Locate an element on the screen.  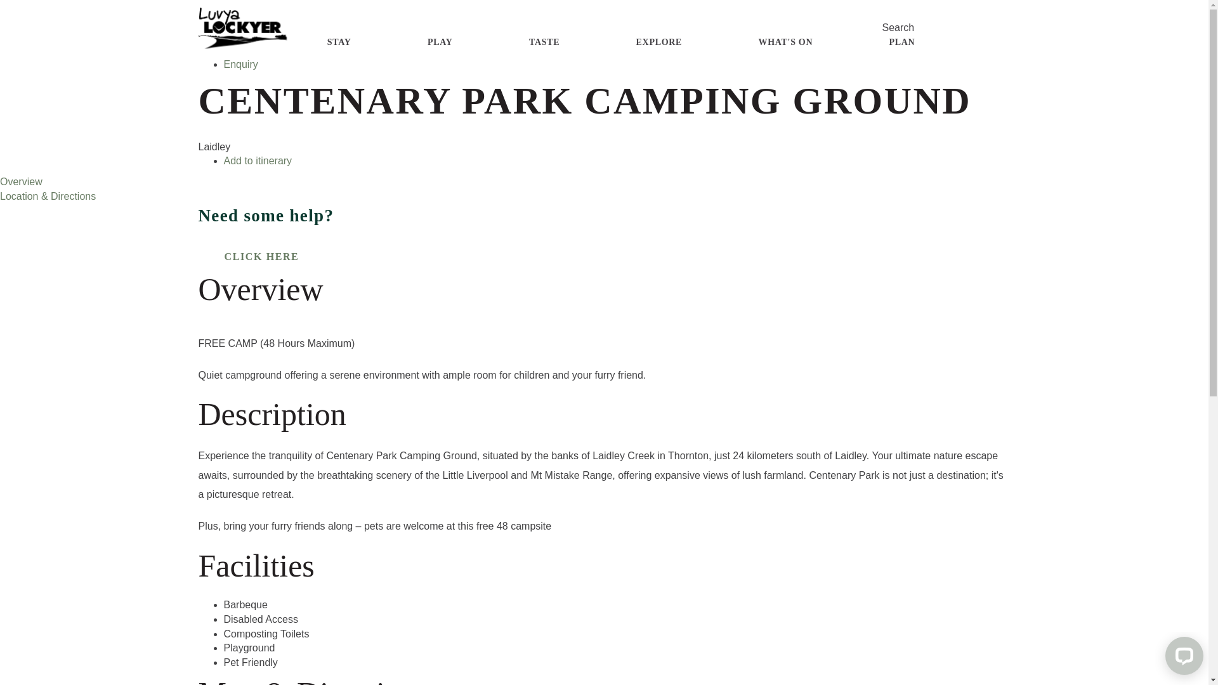
'STAY' is located at coordinates (339, 41).